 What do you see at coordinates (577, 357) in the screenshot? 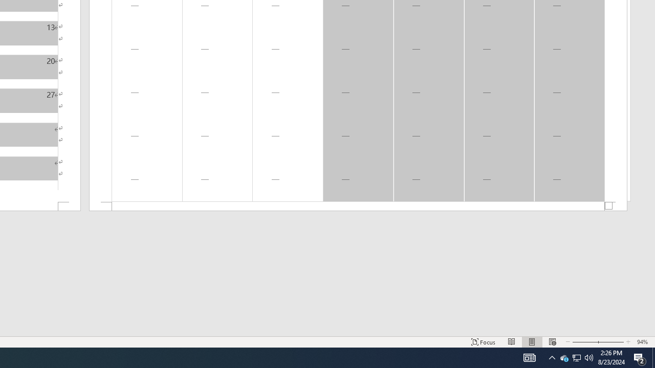
I see `'User Promoted Notification Area'` at bounding box center [577, 357].